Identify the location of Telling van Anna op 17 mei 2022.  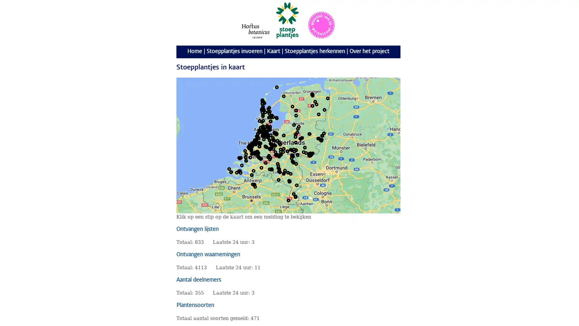
(268, 126).